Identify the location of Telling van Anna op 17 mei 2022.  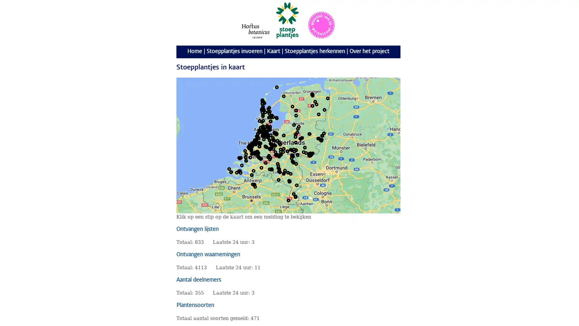
(268, 126).